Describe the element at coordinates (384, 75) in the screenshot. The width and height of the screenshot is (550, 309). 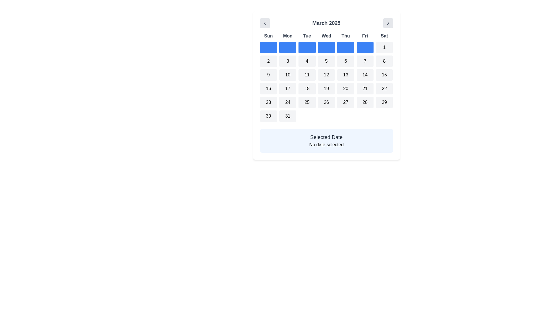
I see `the button displaying the number '15' in a rounded box with a light gray background, representing Saturday in the calendar layout for March 2025` at that location.